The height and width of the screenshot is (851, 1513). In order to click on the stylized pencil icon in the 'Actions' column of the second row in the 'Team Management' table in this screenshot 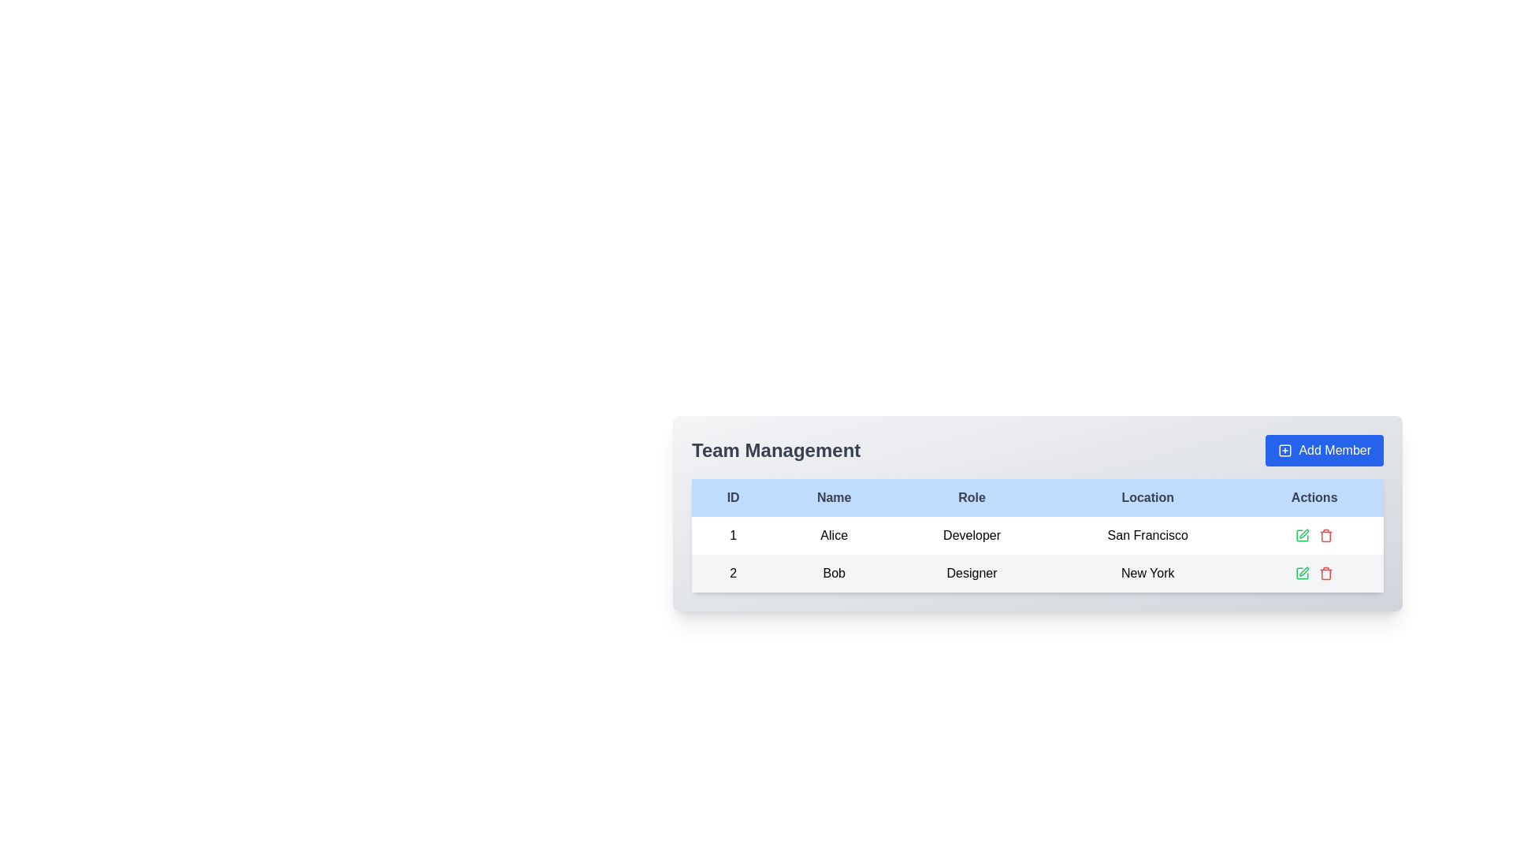, I will do `click(1304, 571)`.